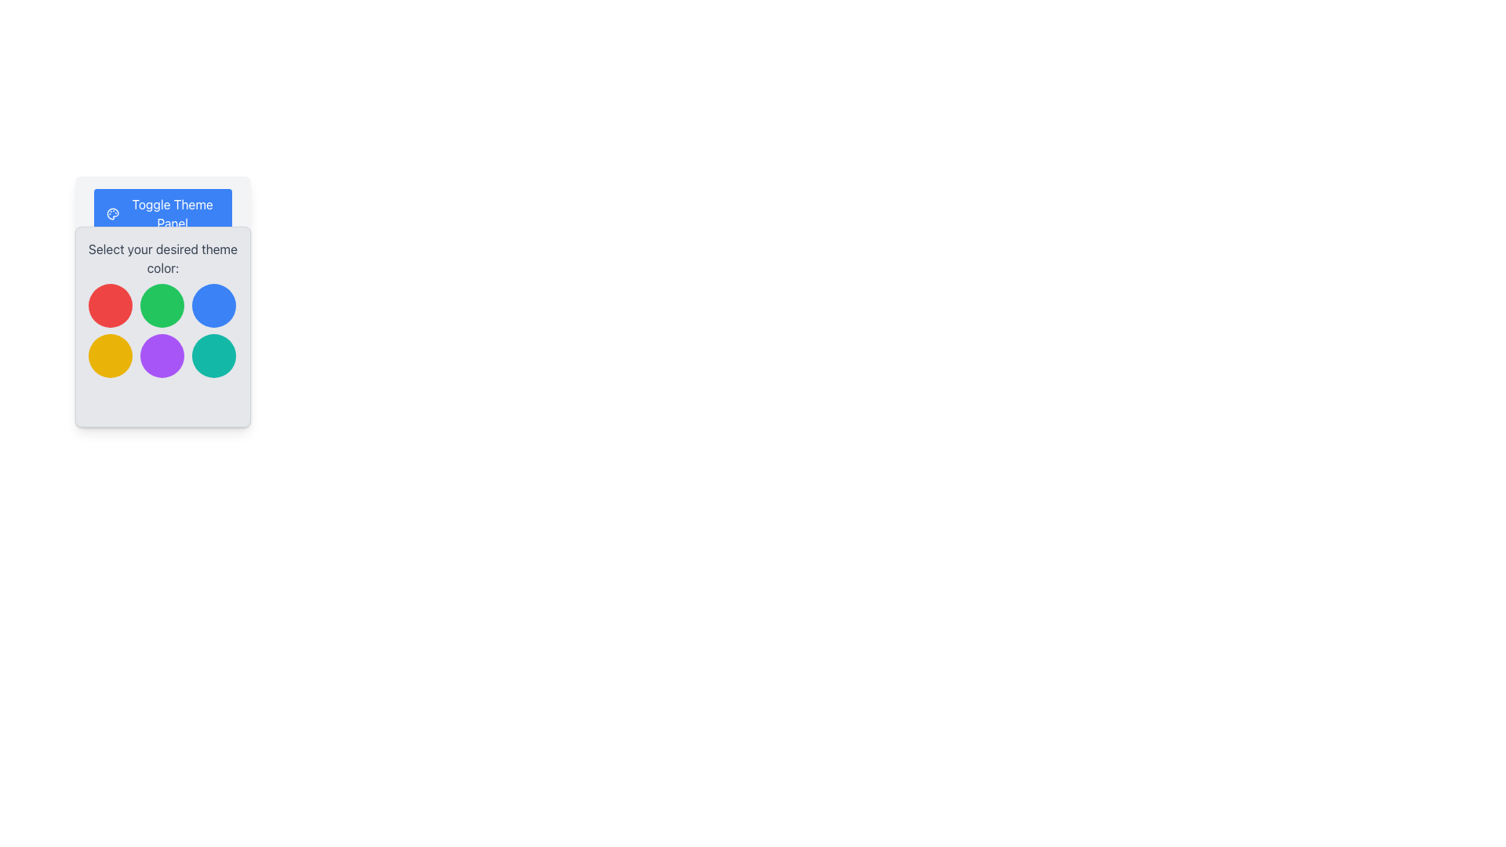  What do you see at coordinates (162, 325) in the screenshot?
I see `the composite selection panel with circular button choices that allows users to select a theme color` at bounding box center [162, 325].